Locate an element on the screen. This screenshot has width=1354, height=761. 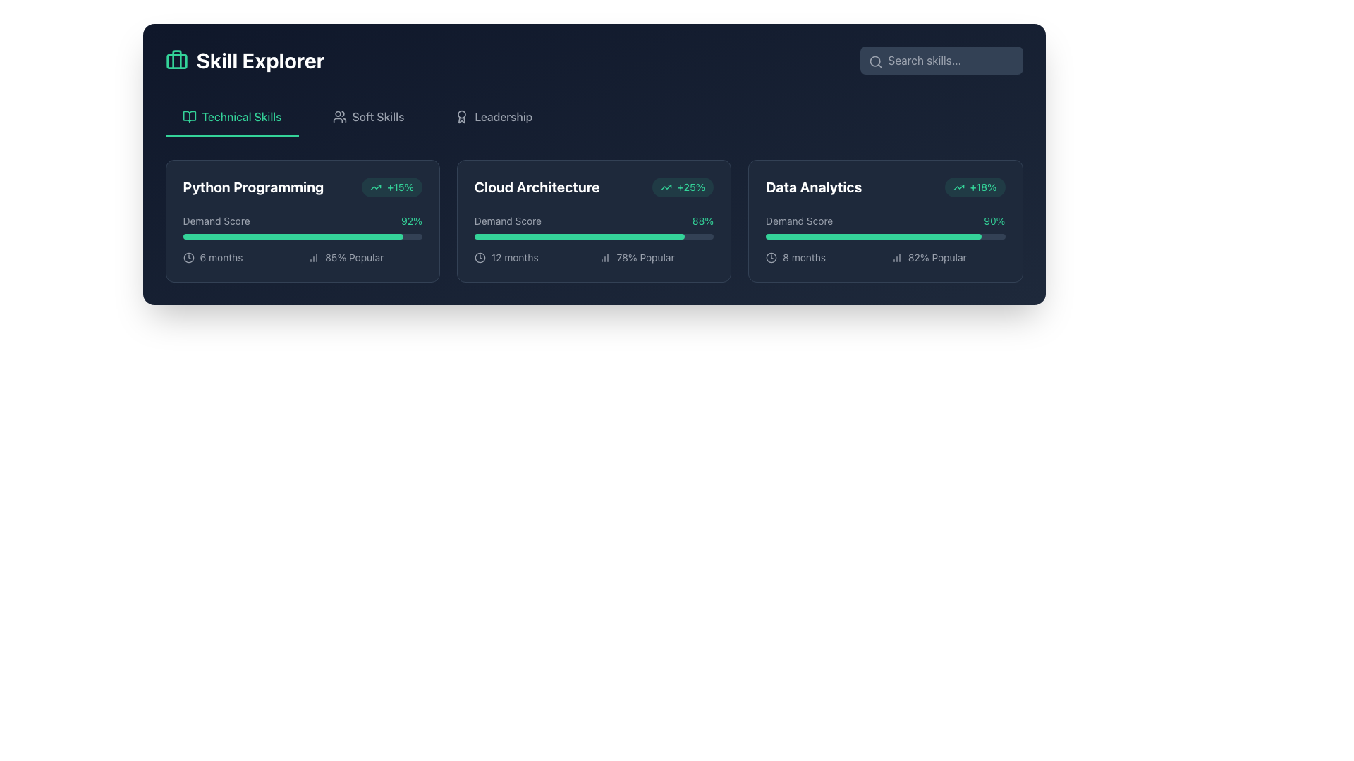
the tab in the Navigation menu is located at coordinates (594, 116).